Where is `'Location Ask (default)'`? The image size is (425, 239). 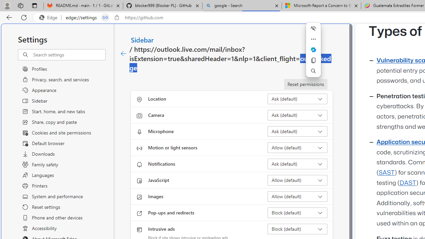 'Location Ask (default)' is located at coordinates (297, 99).